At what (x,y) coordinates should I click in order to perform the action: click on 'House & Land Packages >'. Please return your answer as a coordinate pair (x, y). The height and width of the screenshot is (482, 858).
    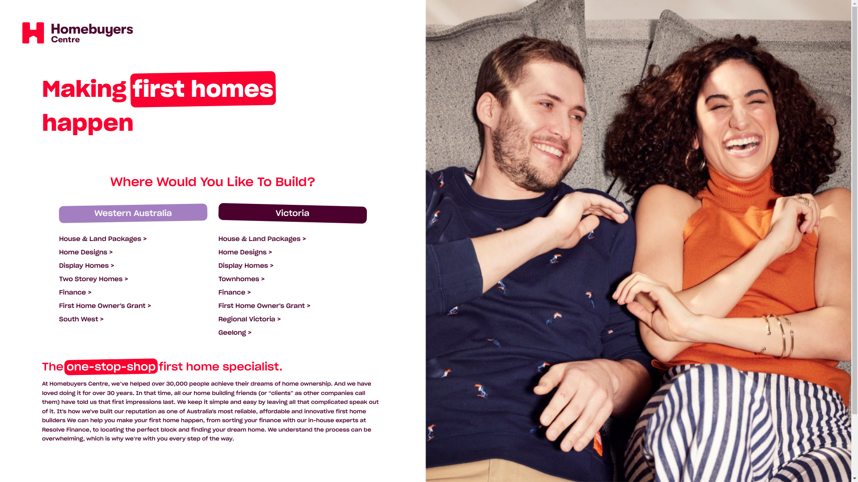
    Looking at the image, I should click on (103, 238).